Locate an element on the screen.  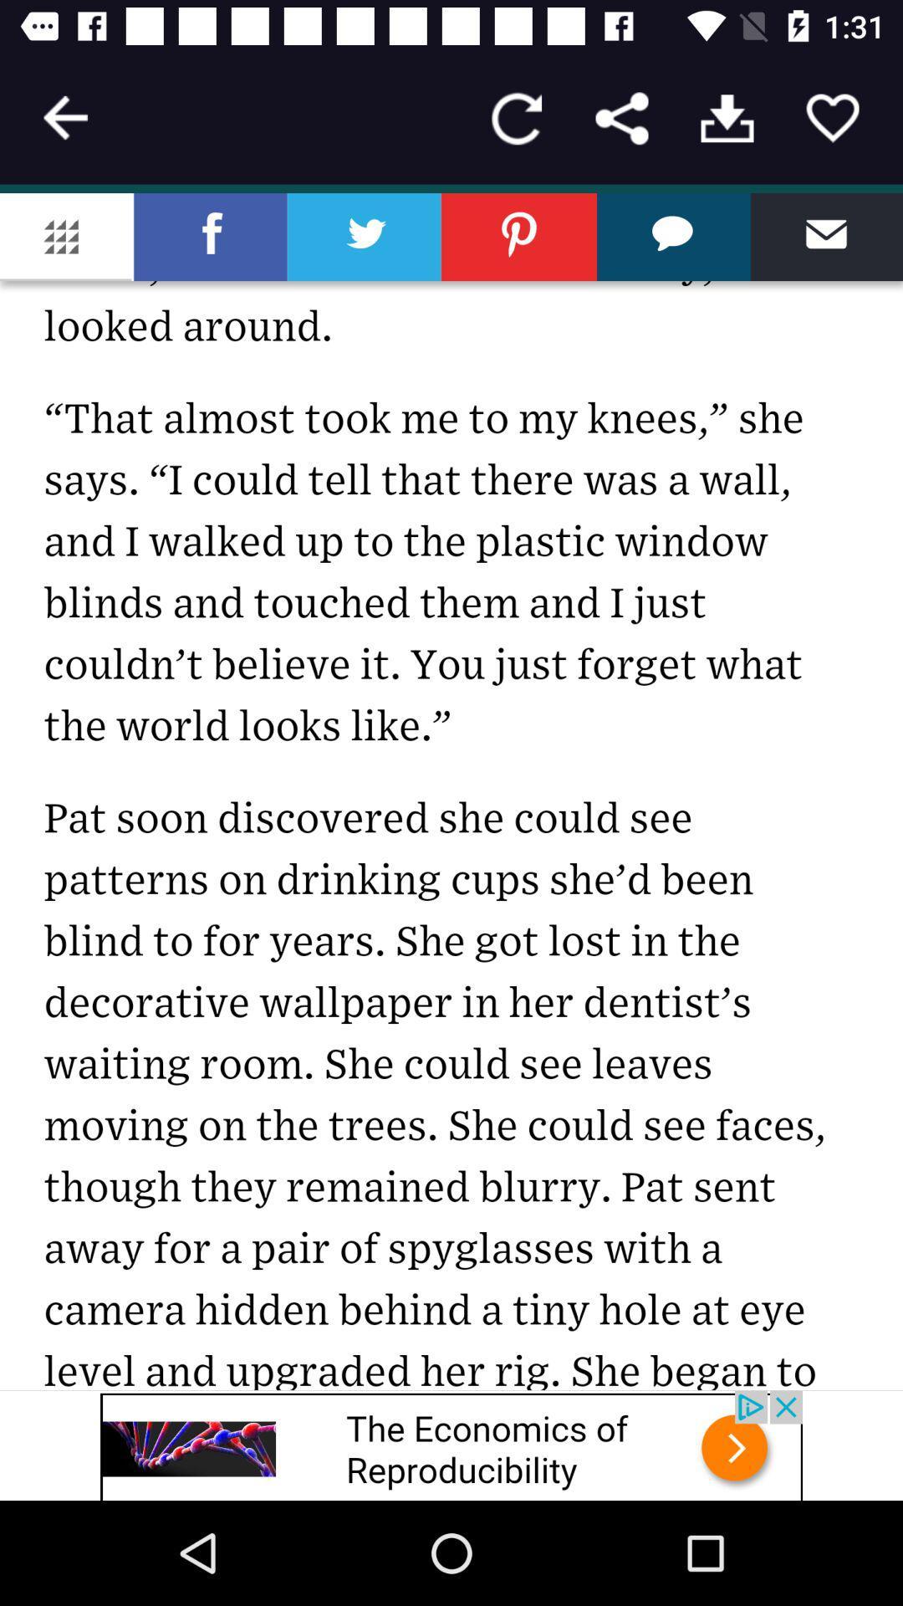
the arrow_backward icon is located at coordinates (64, 117).